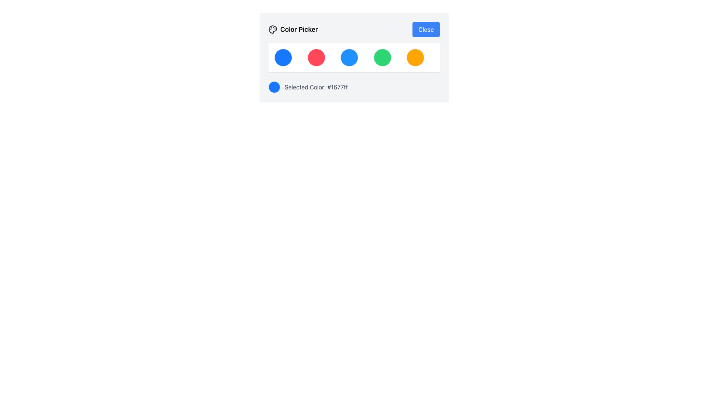  Describe the element at coordinates (273, 29) in the screenshot. I see `the palette icon, which is a vector shape with a circular layout and smaller circles, located in the left section of the horizontal bar at the top of the color picker component` at that location.